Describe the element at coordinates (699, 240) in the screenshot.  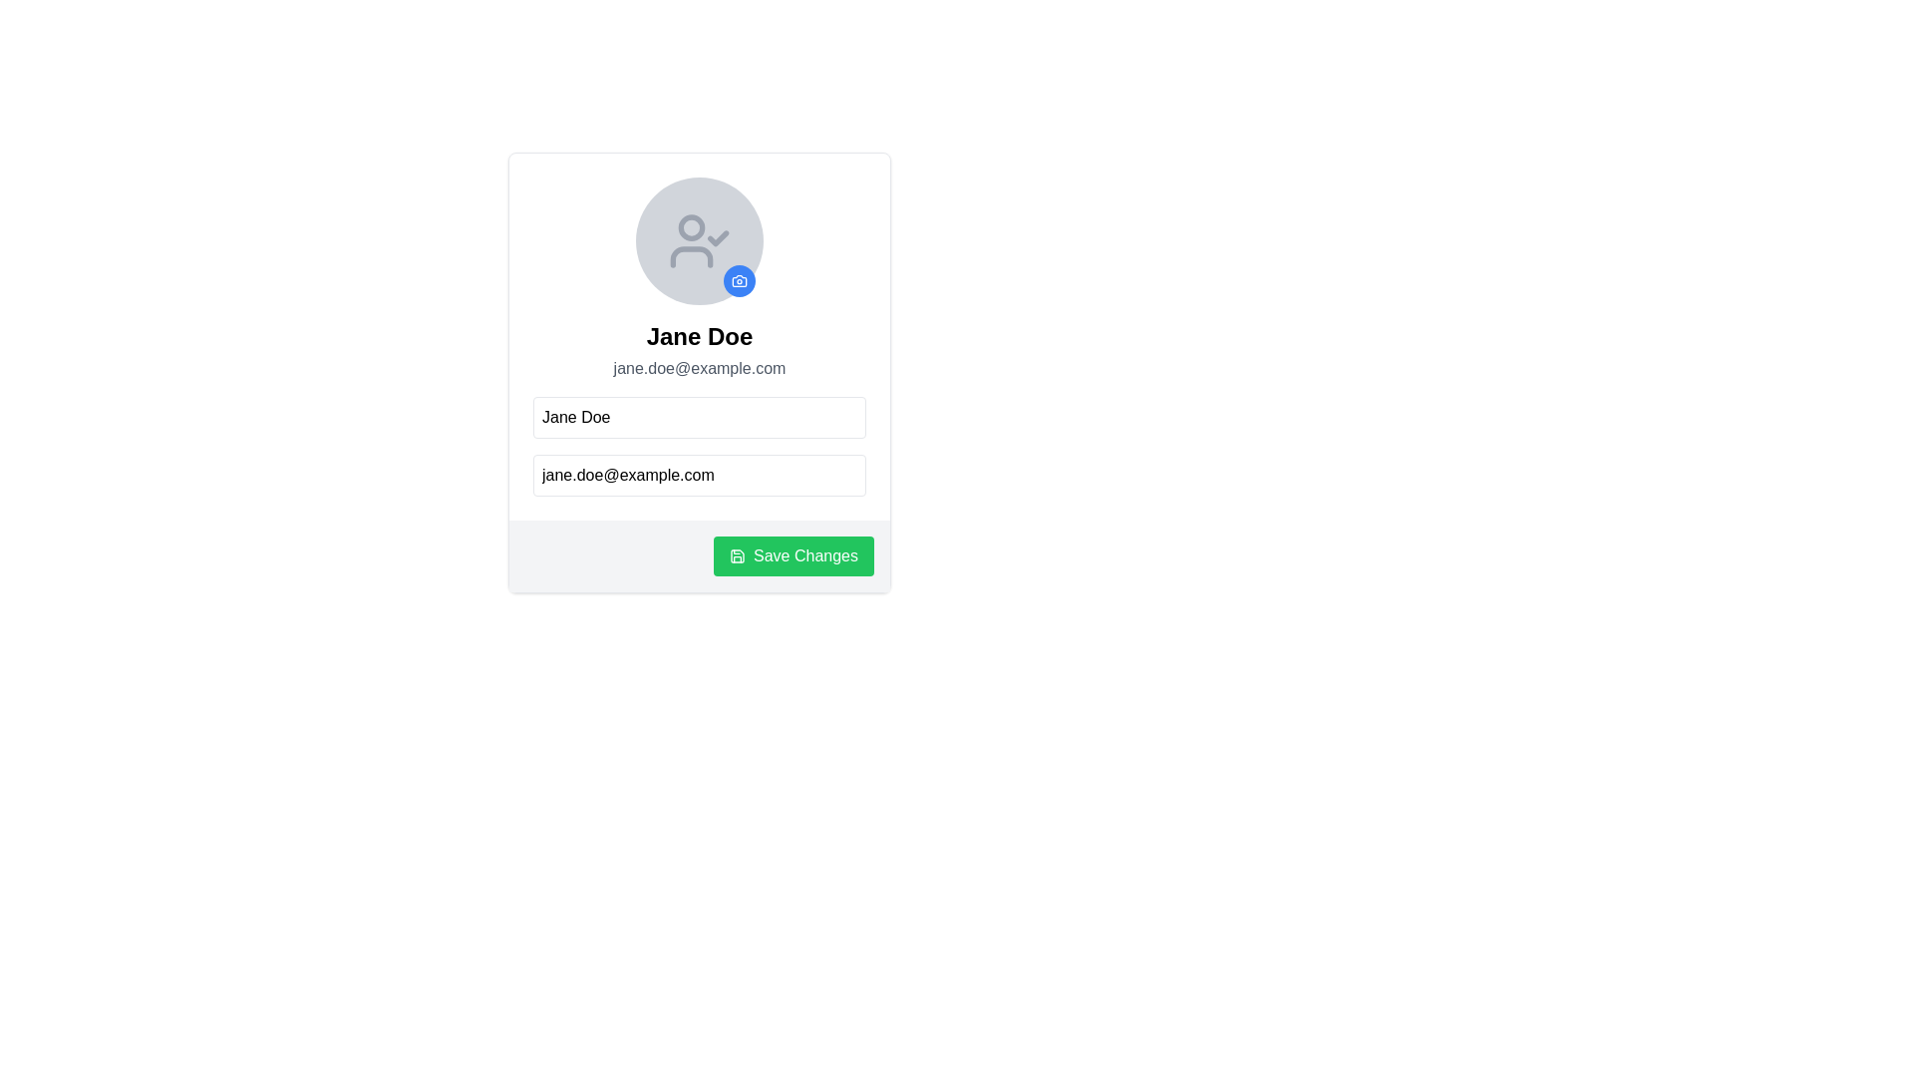
I see `the circular profile picture placeholder with a user-icon and a checkmark symbol, located above the text 'Jane Doe' and 'jane.doe@example.com'` at that location.